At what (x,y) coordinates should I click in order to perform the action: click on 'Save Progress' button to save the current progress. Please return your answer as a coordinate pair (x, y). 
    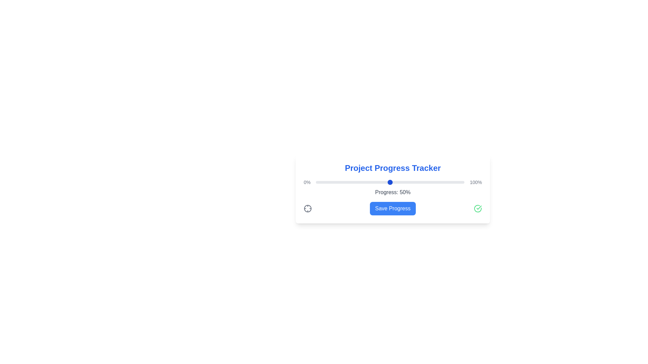
    Looking at the image, I should click on (393, 208).